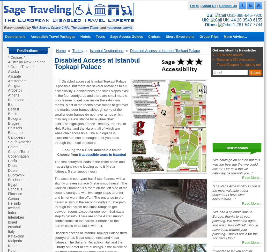 This screenshot has width=267, height=252. What do you see at coordinates (102, 27) in the screenshot?
I see `', and'` at bounding box center [102, 27].